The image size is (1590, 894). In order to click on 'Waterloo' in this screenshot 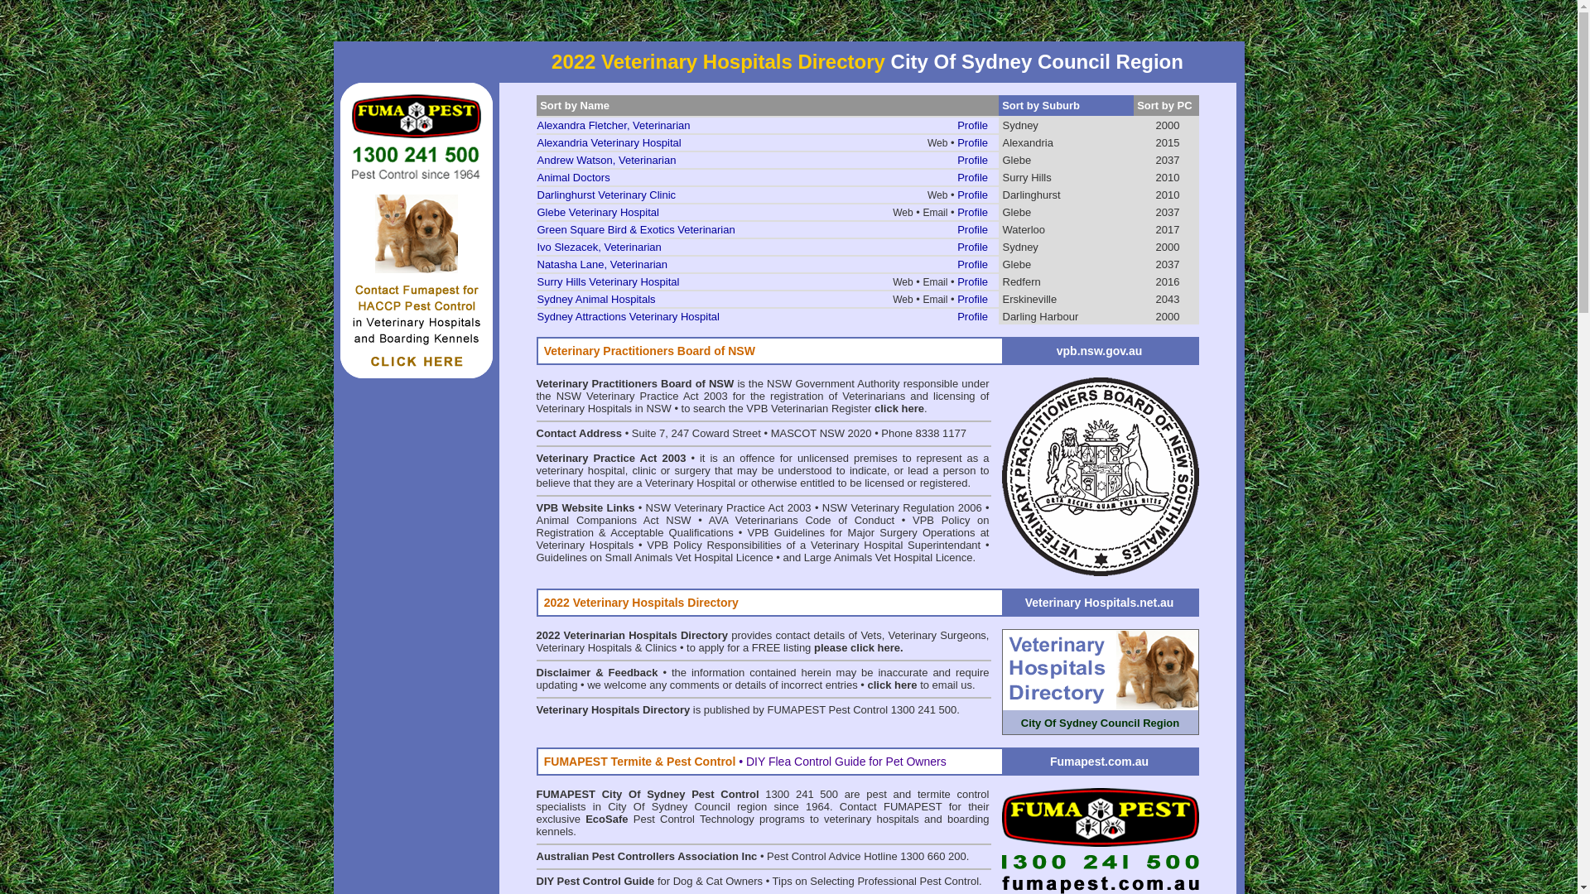, I will do `click(1000, 229)`.